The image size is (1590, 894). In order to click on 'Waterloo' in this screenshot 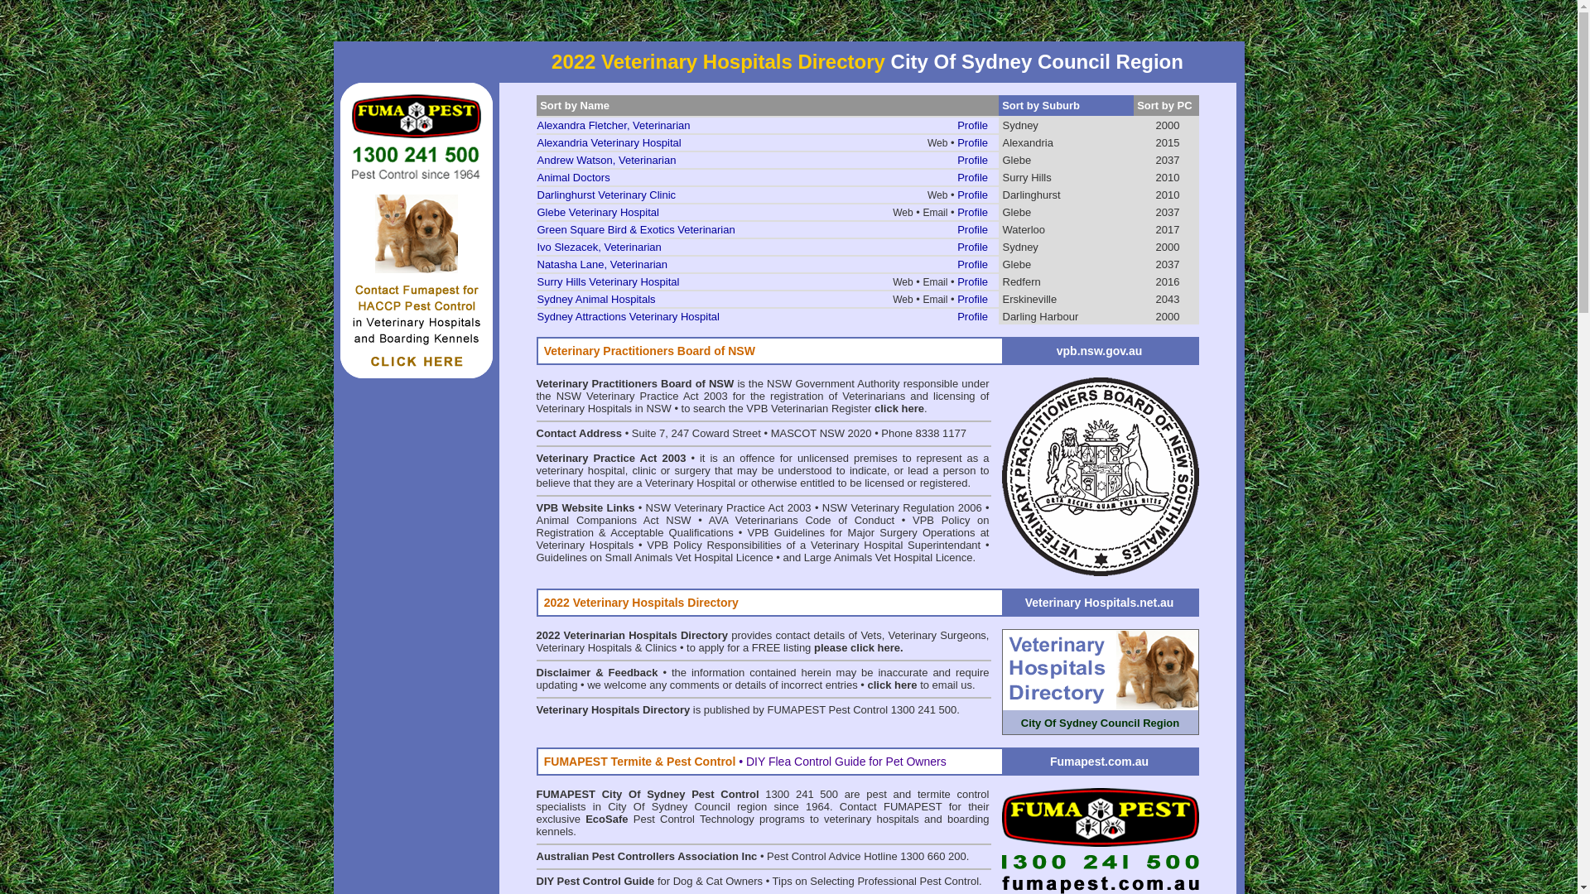, I will do `click(1000, 229)`.